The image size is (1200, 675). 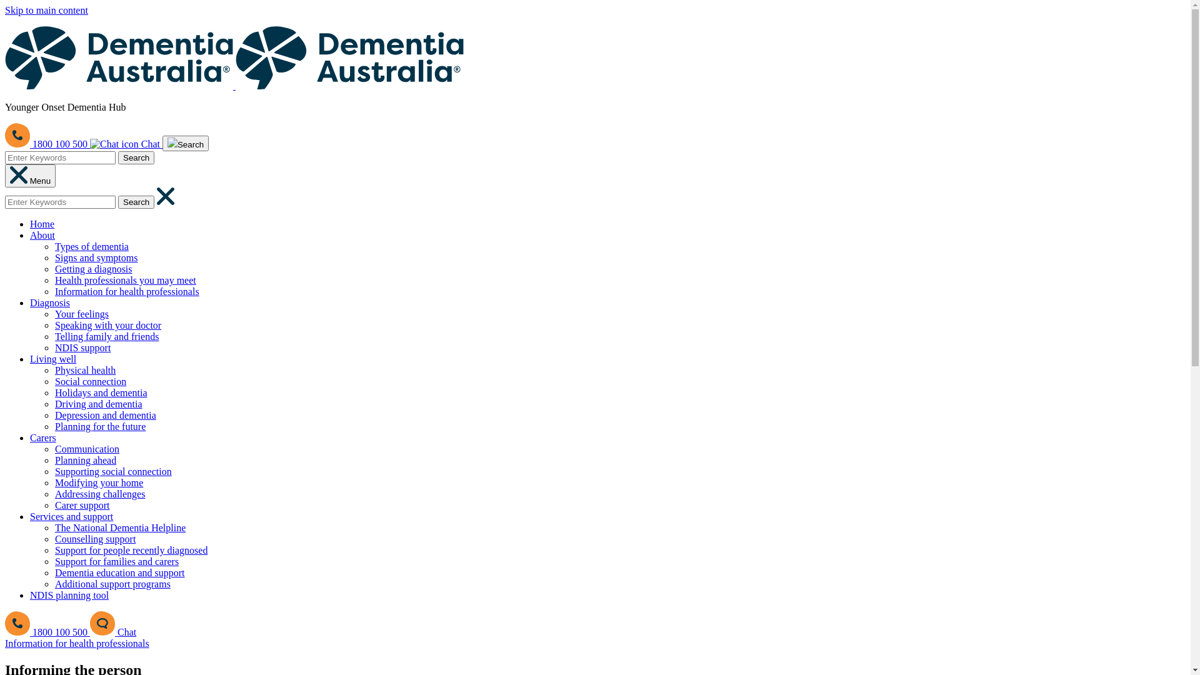 I want to click on 'Carers', so click(x=42, y=437).